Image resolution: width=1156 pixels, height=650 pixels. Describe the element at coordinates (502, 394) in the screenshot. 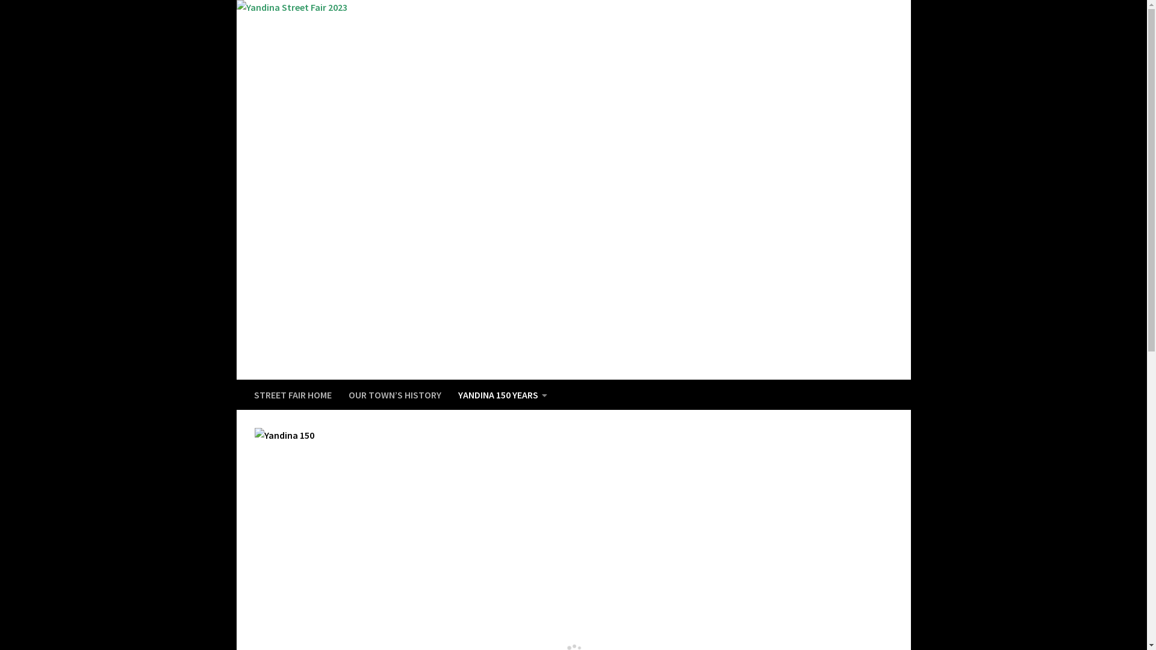

I see `'YANDINA 150 YEARS'` at that location.